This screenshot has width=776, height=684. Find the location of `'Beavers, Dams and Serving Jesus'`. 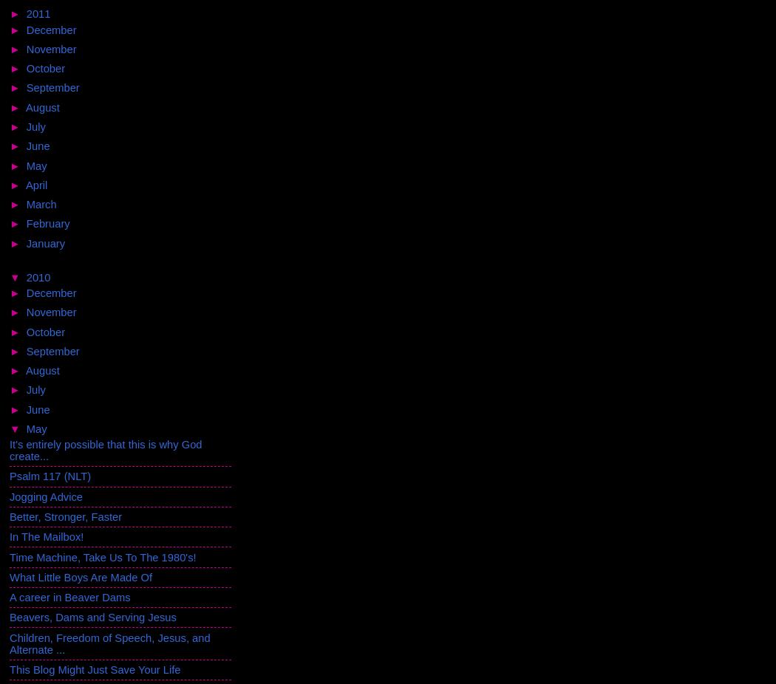

'Beavers, Dams and Serving Jesus' is located at coordinates (92, 617).